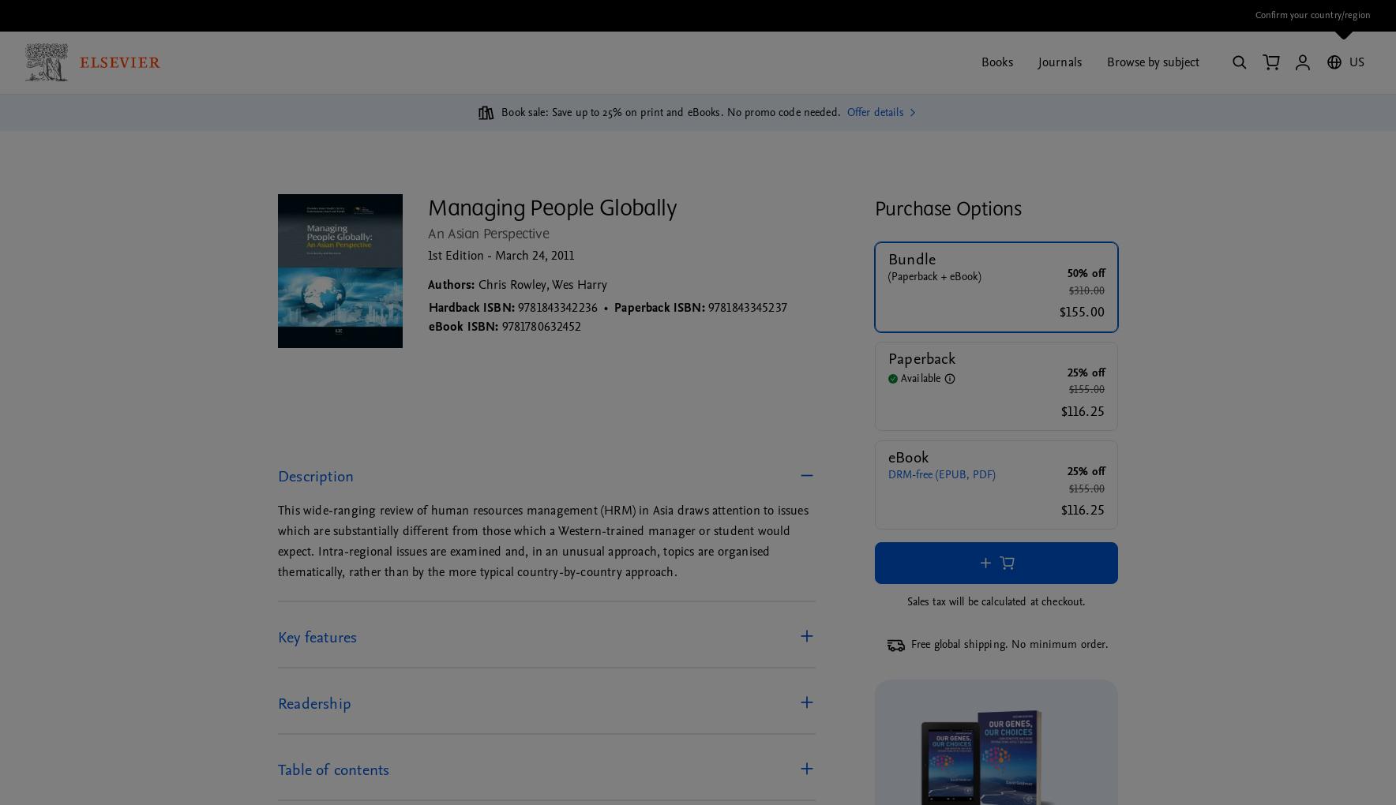 Image resolution: width=1396 pixels, height=805 pixels. What do you see at coordinates (1058, 62) in the screenshot?
I see `'Journals'` at bounding box center [1058, 62].